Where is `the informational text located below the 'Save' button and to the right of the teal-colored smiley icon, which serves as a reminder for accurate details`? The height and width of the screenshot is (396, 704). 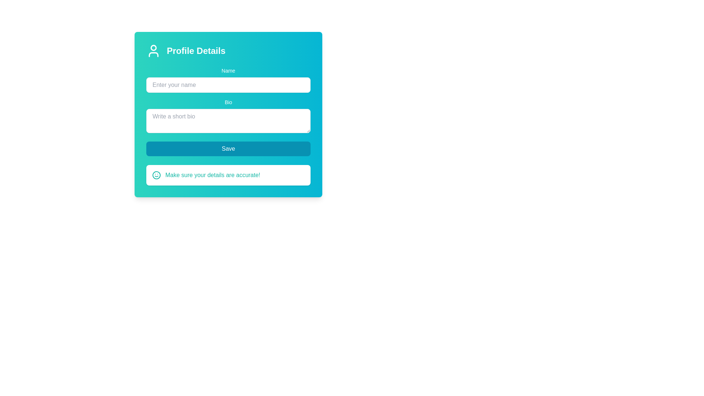 the informational text located below the 'Save' button and to the right of the teal-colored smiley icon, which serves as a reminder for accurate details is located at coordinates (212, 175).